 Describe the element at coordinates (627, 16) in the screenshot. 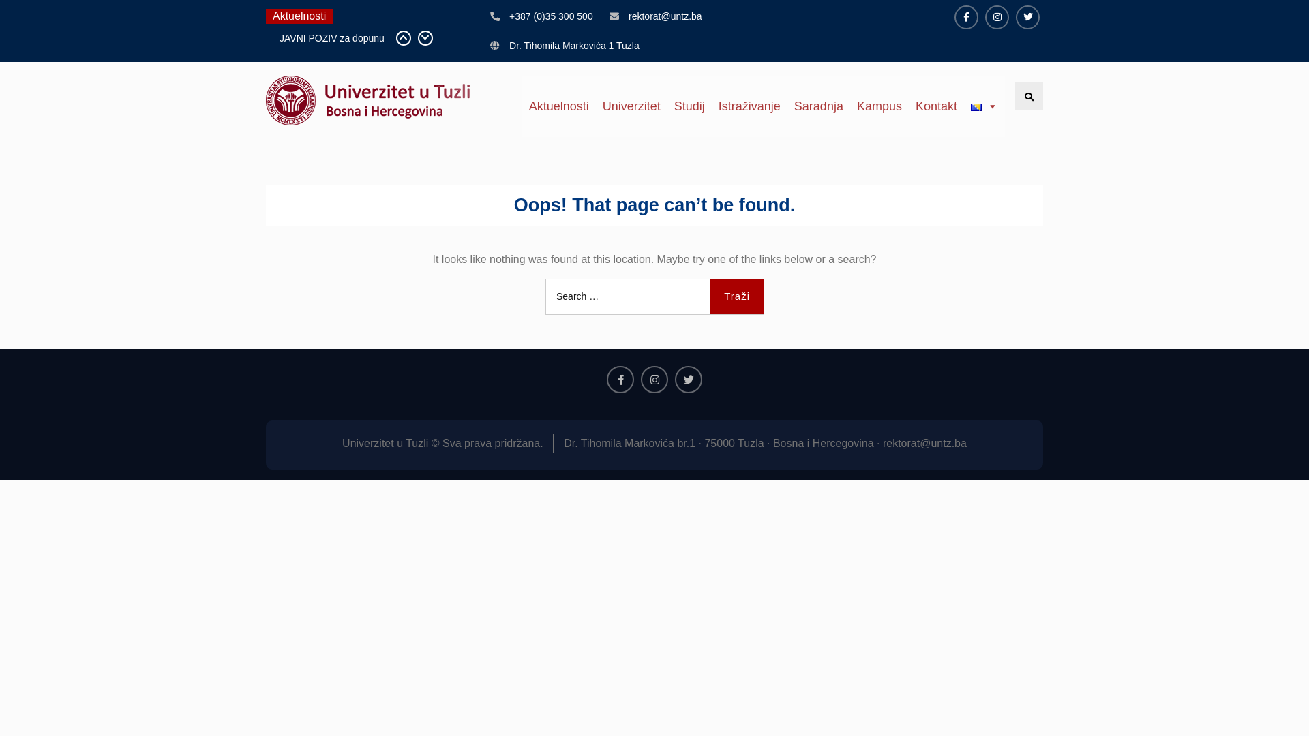

I see `'rektorat@untz.ba'` at that location.